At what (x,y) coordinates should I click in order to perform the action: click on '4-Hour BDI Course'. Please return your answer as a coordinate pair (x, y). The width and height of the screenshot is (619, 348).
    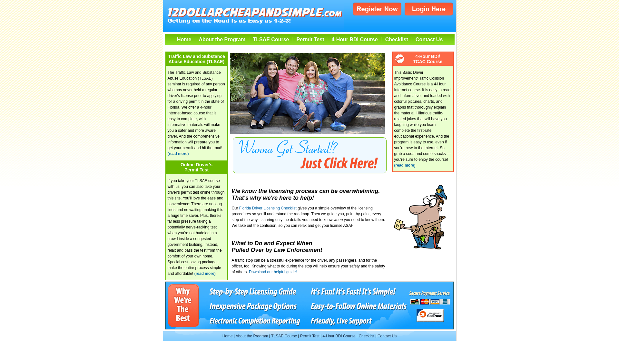
    Looking at the image, I should click on (339, 335).